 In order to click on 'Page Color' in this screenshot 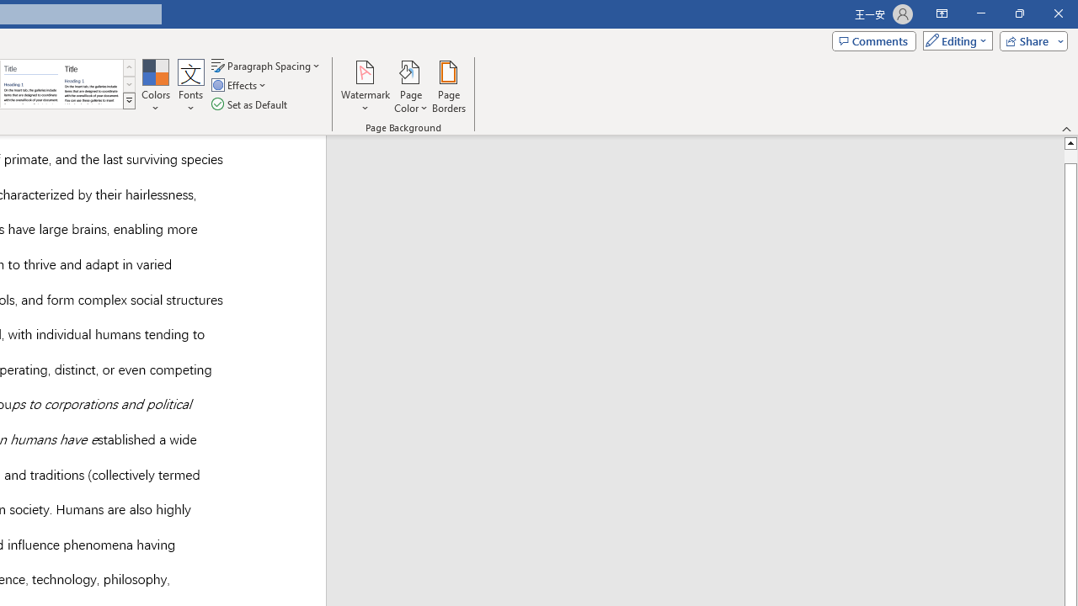, I will do `click(411, 87)`.